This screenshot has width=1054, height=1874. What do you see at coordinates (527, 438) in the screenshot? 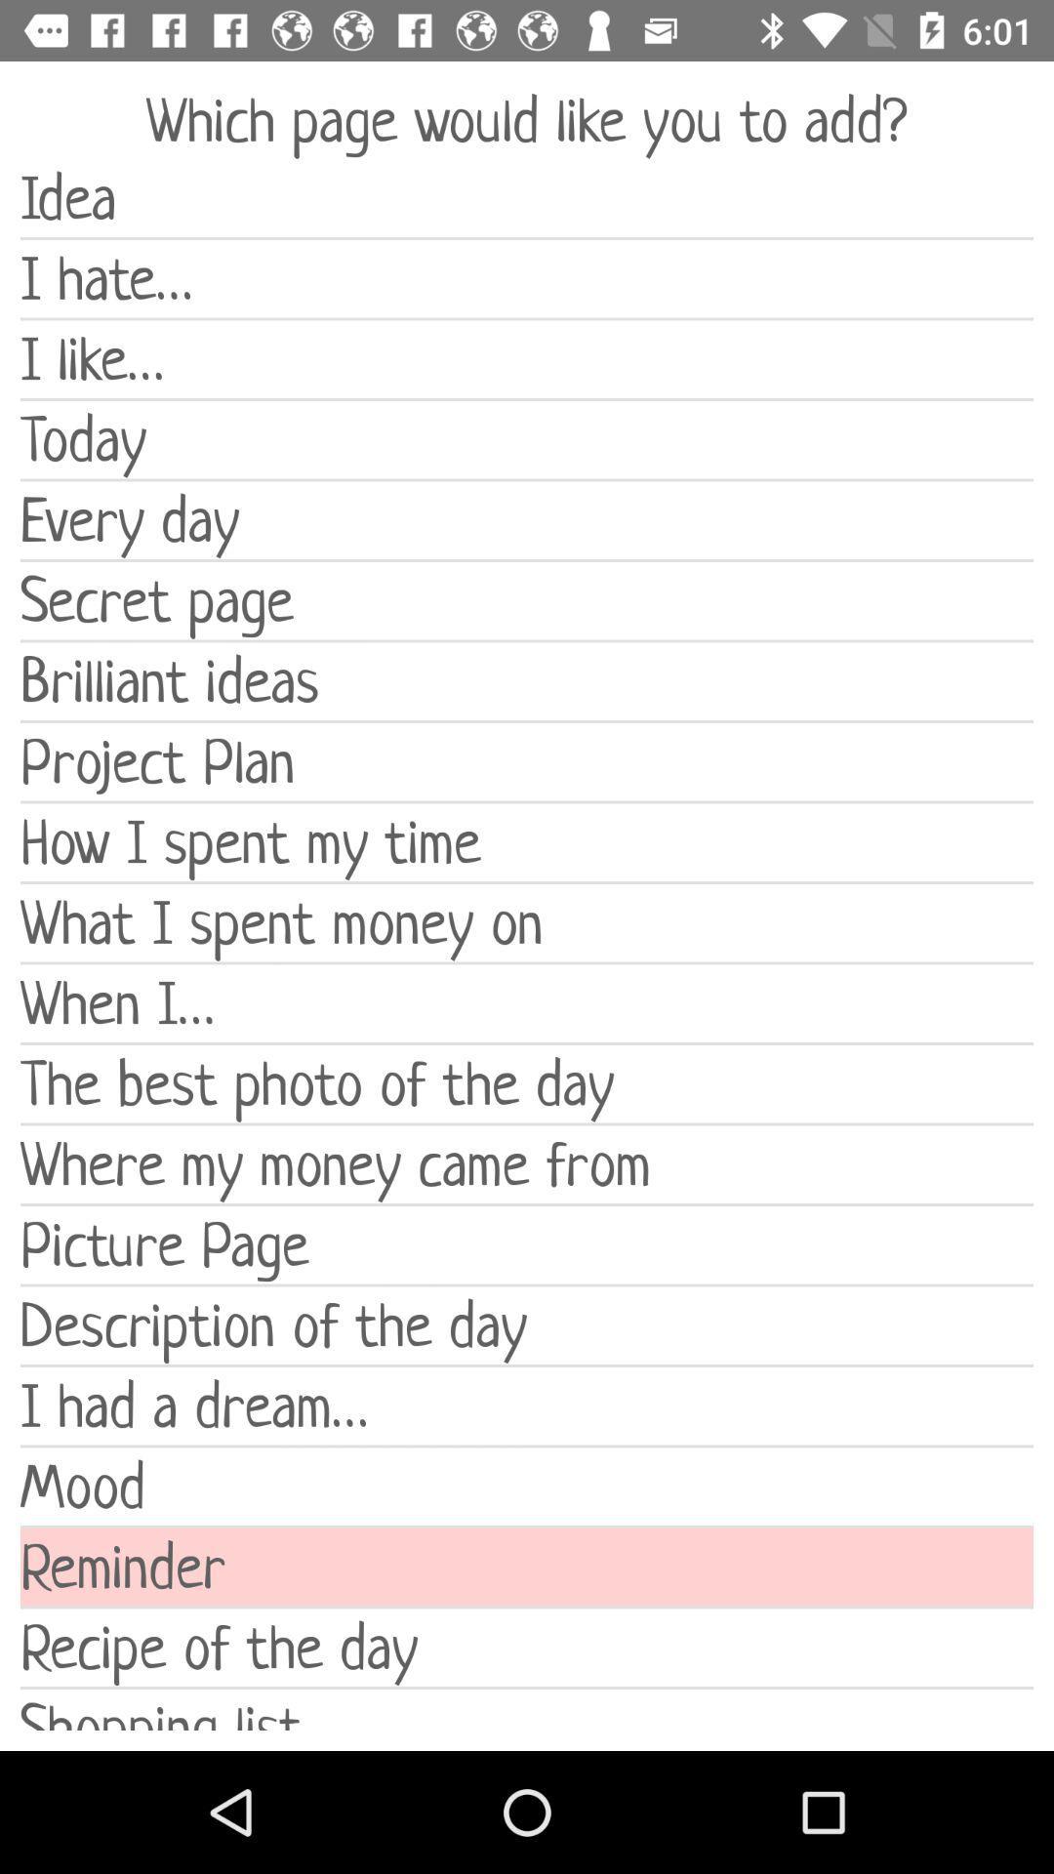
I see `icon above the every day item` at bounding box center [527, 438].